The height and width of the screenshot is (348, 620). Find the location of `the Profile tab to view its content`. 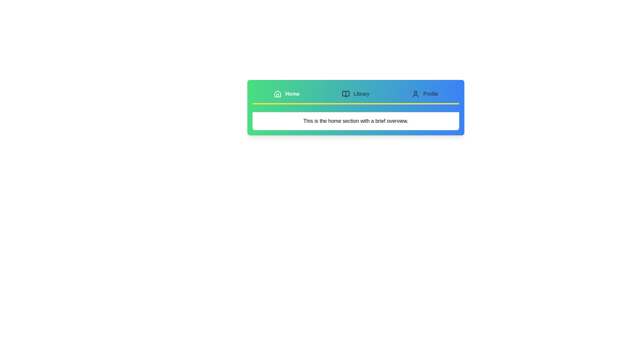

the Profile tab to view its content is located at coordinates (425, 94).